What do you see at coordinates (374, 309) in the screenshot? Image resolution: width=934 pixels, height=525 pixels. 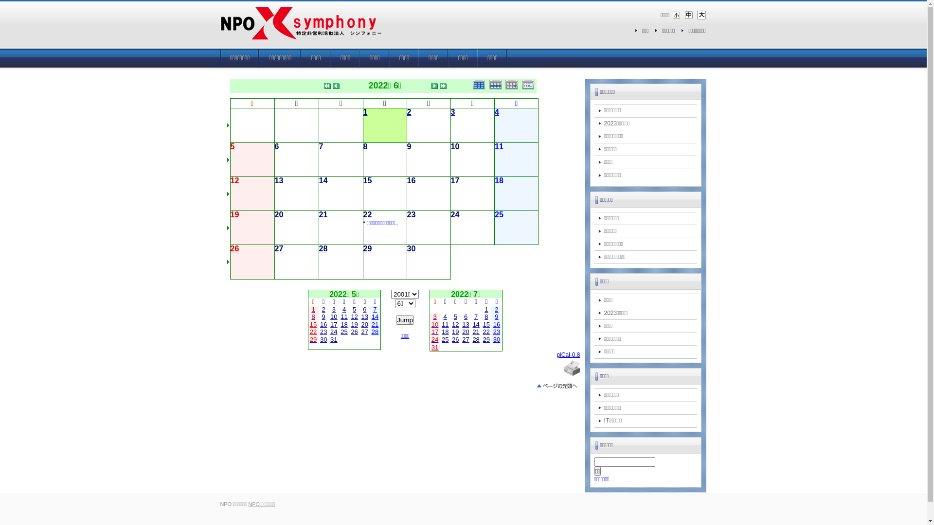 I see `'7'` at bounding box center [374, 309].